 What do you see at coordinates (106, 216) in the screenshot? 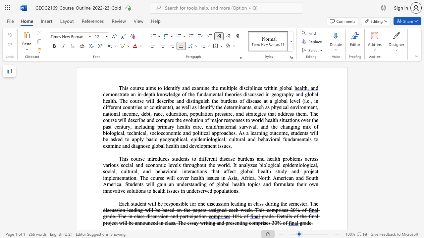
I see `the 1th character "r" in the text` at bounding box center [106, 216].